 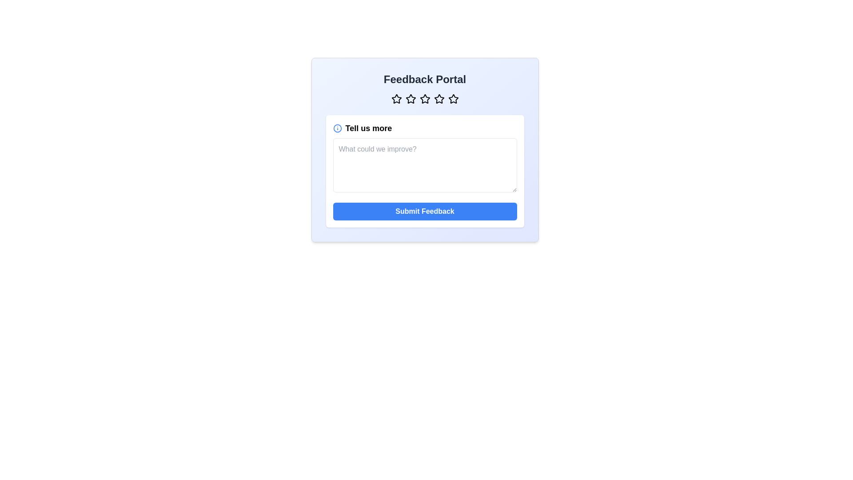 I want to click on the first clickable rating star in the Feedback Portal, so click(x=396, y=99).